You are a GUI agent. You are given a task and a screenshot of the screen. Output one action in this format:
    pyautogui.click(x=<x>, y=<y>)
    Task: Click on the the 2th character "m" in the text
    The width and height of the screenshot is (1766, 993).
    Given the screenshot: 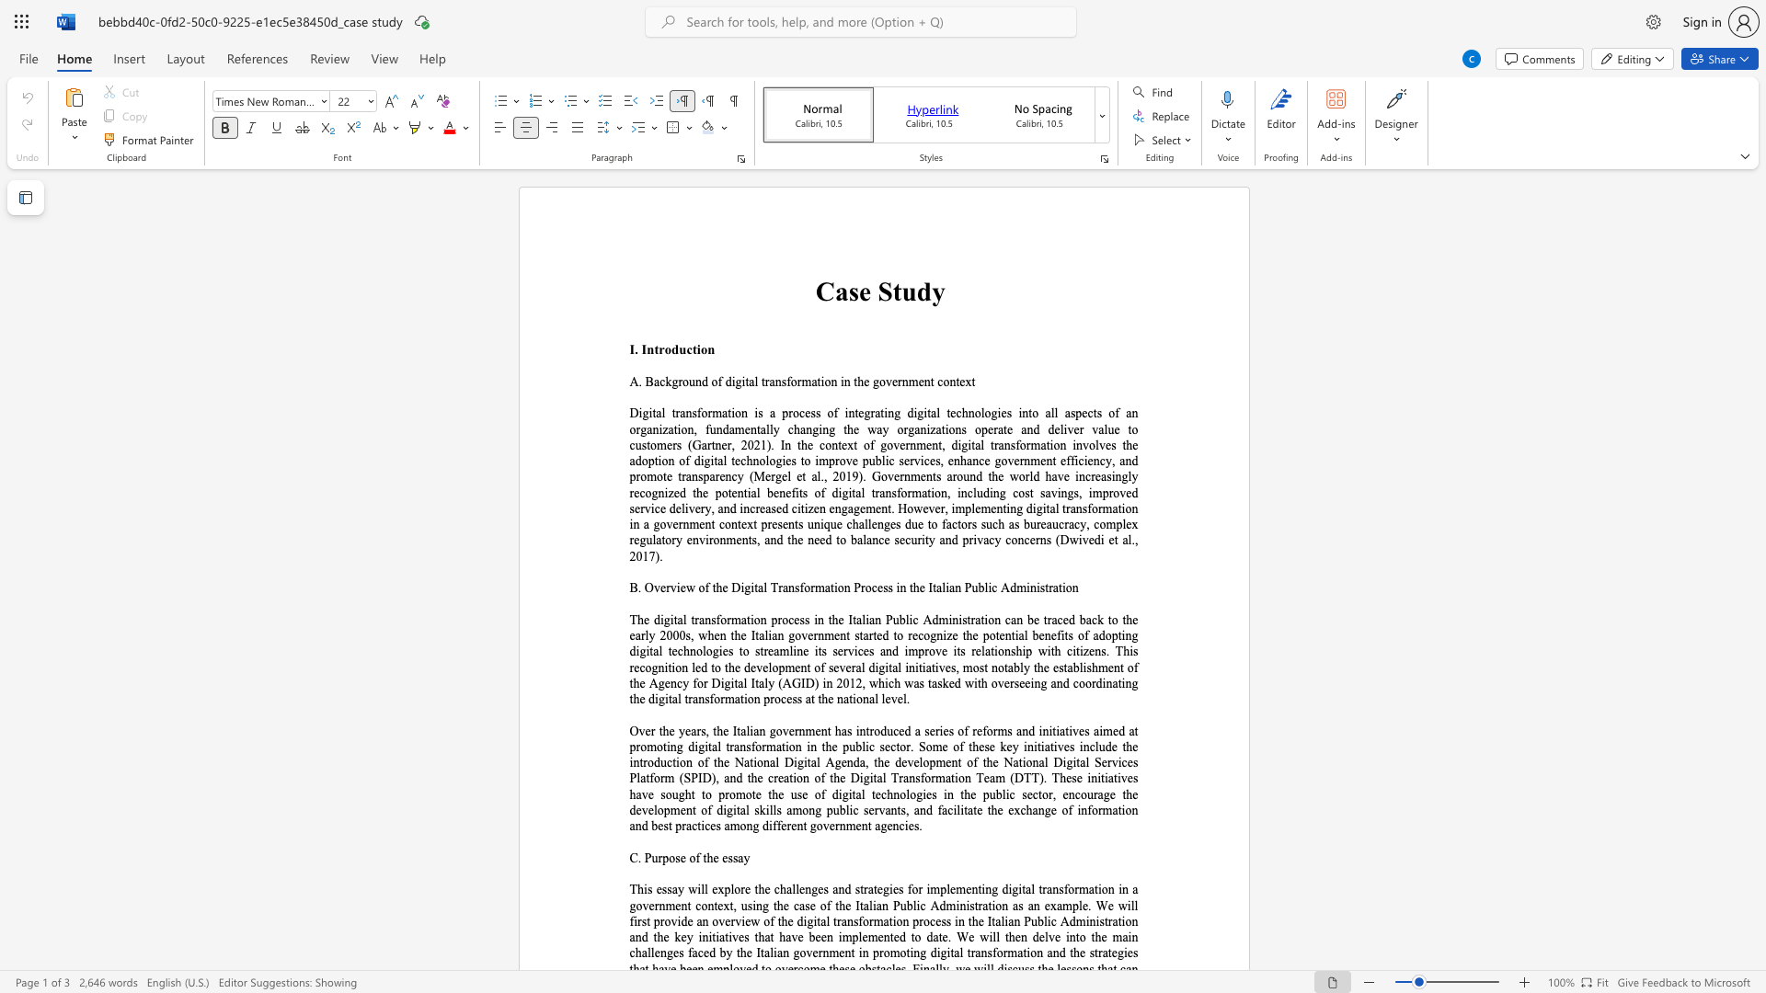 What is the action you would take?
    pyautogui.click(x=913, y=381)
    